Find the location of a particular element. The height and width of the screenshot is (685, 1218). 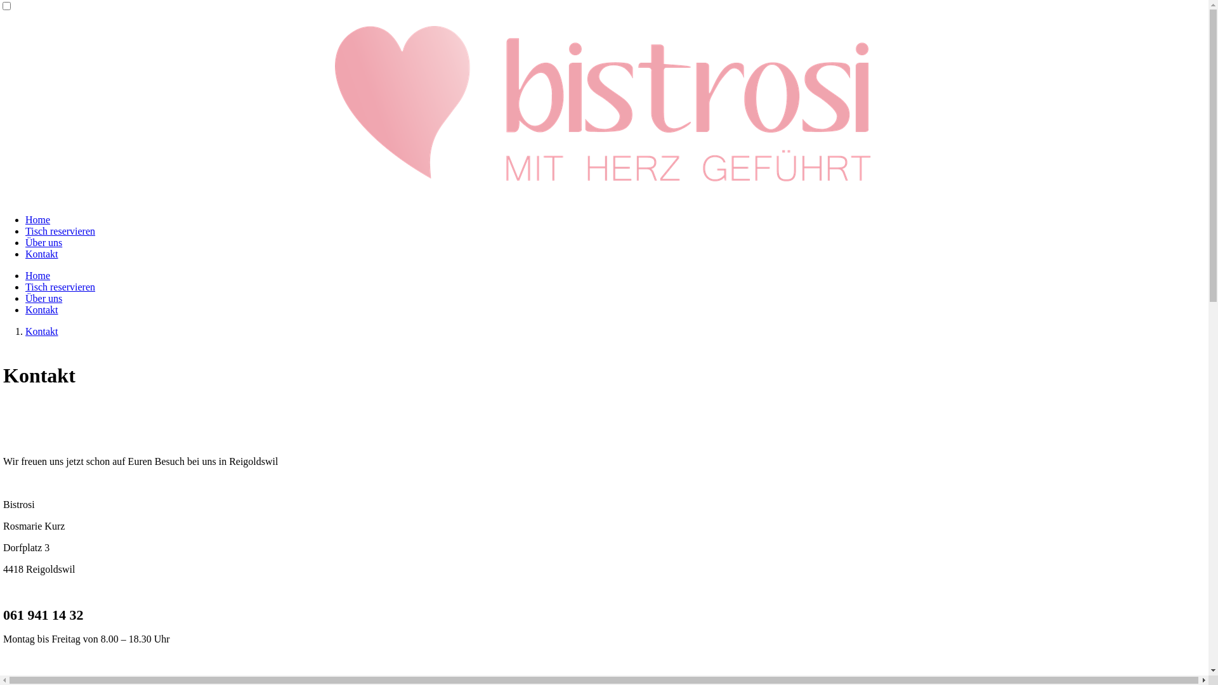

'Tisch reservieren' is located at coordinates (60, 287).